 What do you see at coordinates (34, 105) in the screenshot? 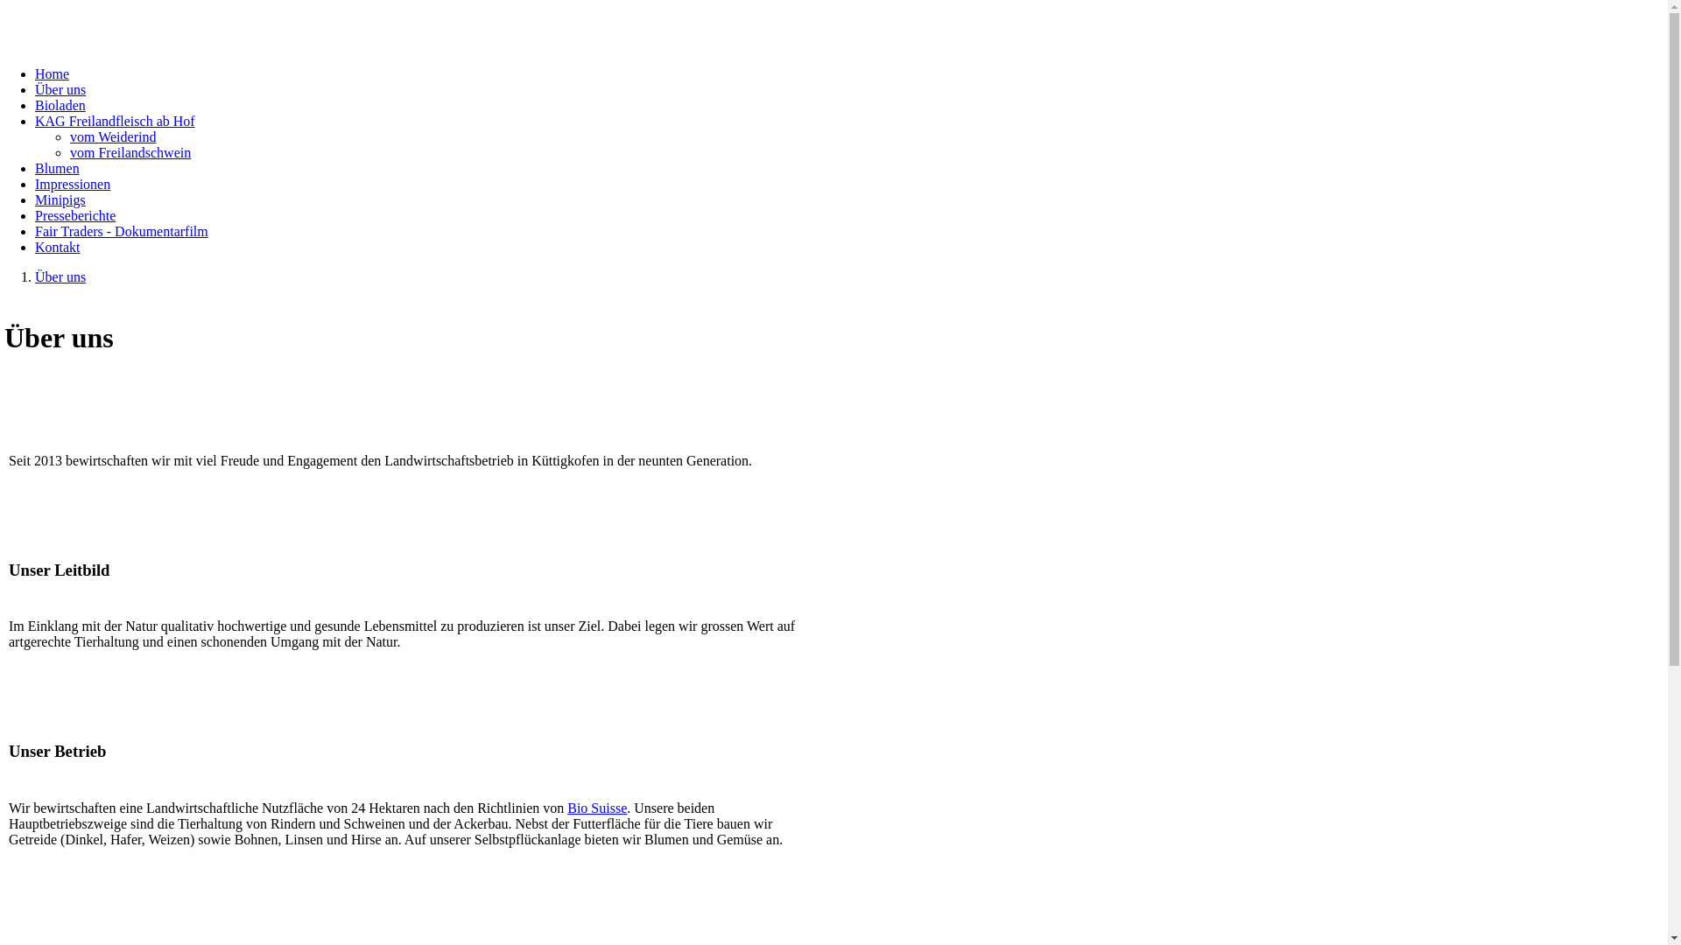
I see `'Bioladen'` at bounding box center [34, 105].